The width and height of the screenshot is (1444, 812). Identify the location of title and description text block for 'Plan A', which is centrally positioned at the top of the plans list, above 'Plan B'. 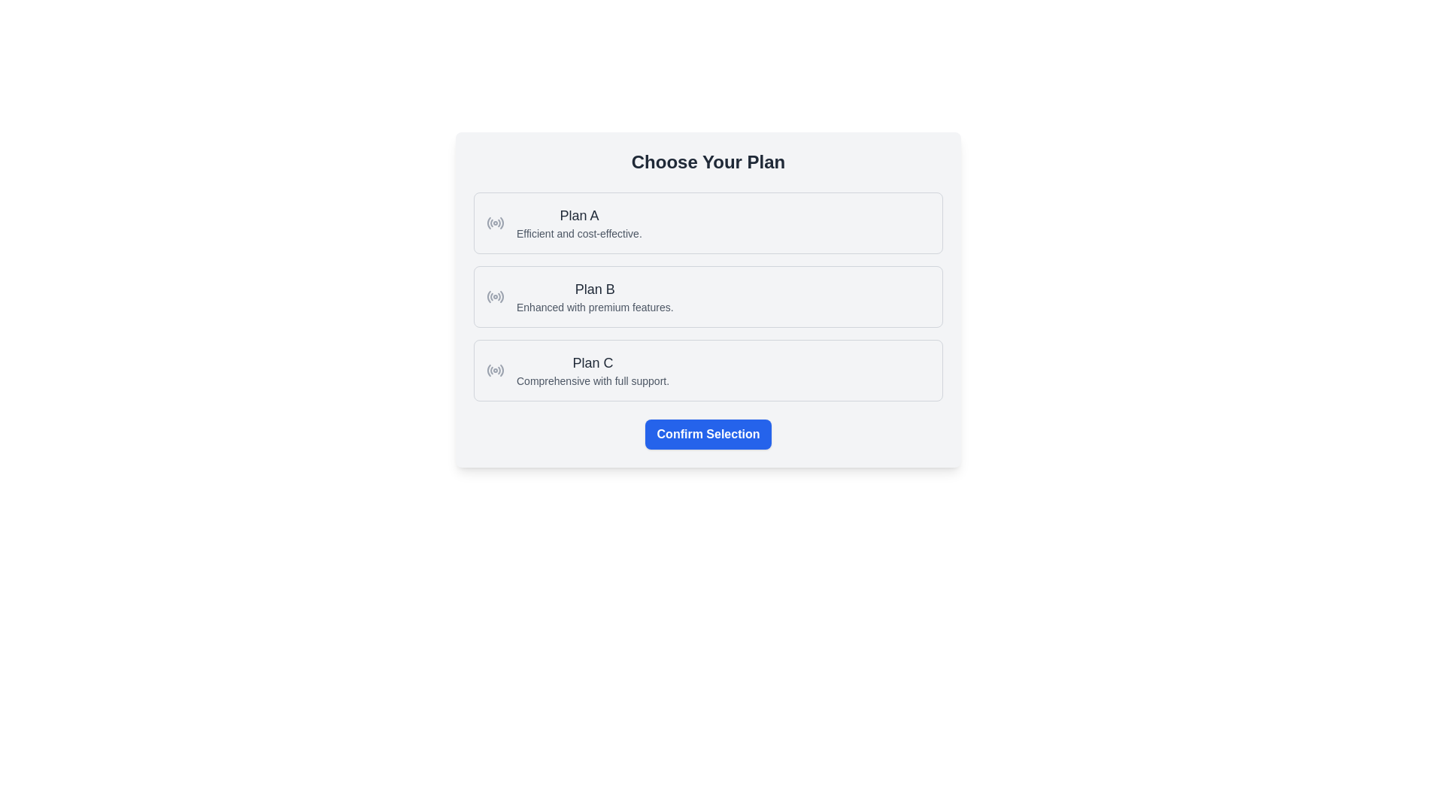
(578, 223).